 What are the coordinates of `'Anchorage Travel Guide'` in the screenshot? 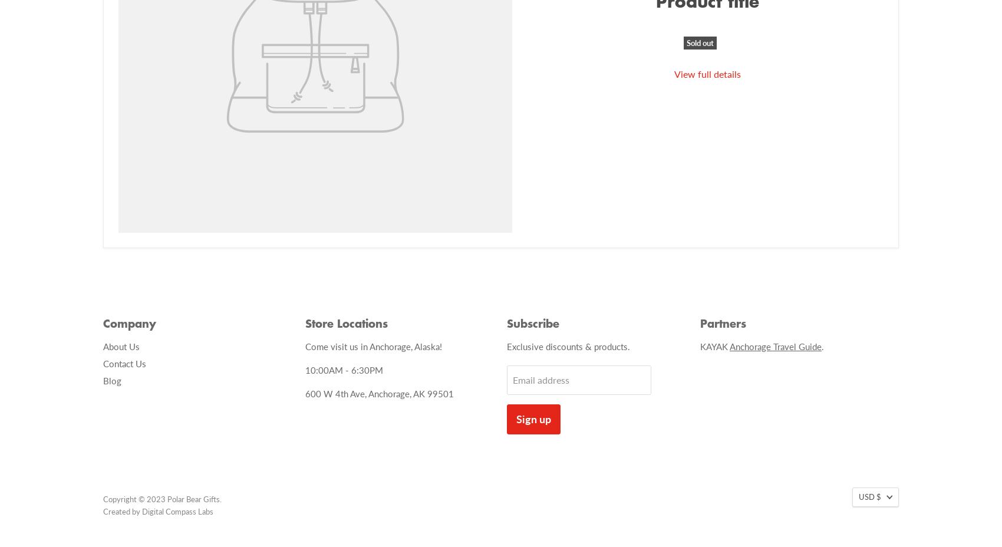 It's located at (729, 345).